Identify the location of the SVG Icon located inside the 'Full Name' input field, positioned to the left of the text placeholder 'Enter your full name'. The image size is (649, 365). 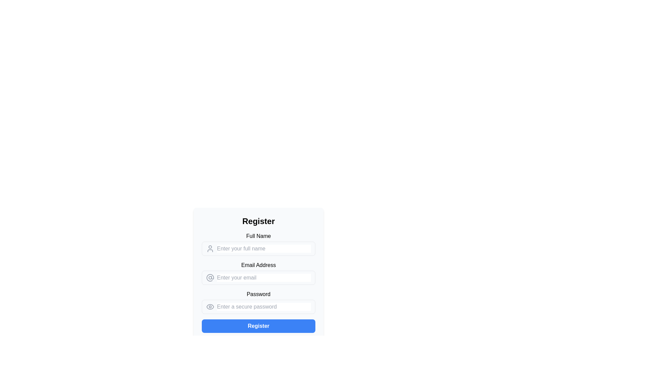
(210, 249).